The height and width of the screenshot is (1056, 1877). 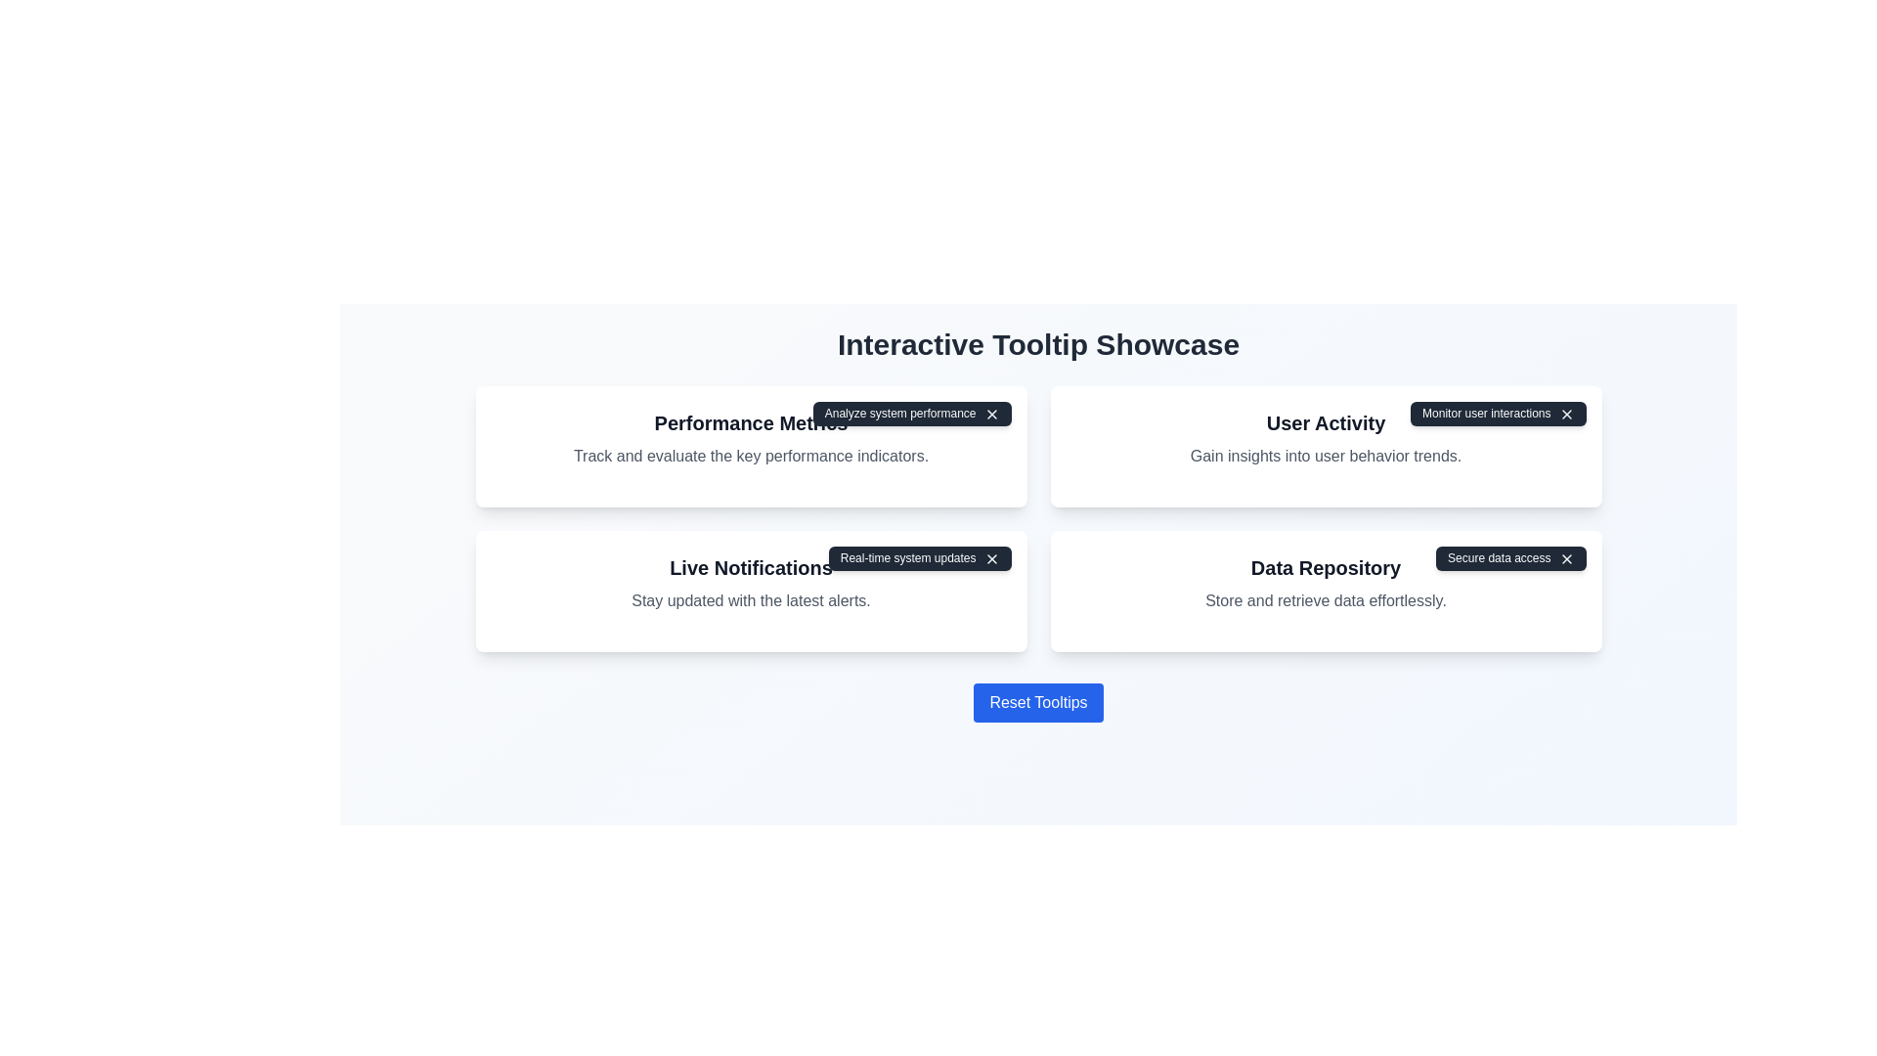 I want to click on the static text element that states 'Stay updated with the latest alerts.' which is styled classically in gray and is positioned within a white card below 'Live Notifications', so click(x=750, y=599).